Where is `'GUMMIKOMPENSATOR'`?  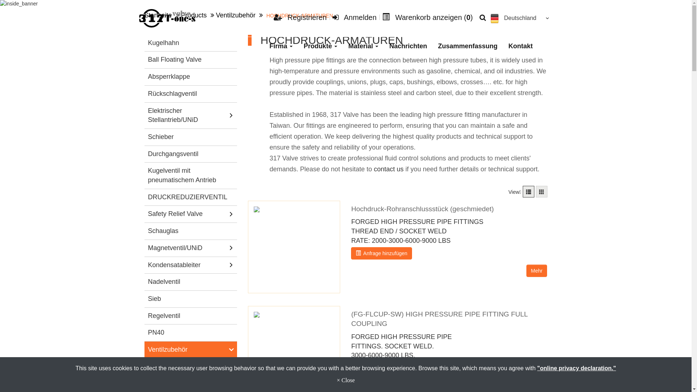 'GUMMIKOMPENSATOR' is located at coordinates (193, 367).